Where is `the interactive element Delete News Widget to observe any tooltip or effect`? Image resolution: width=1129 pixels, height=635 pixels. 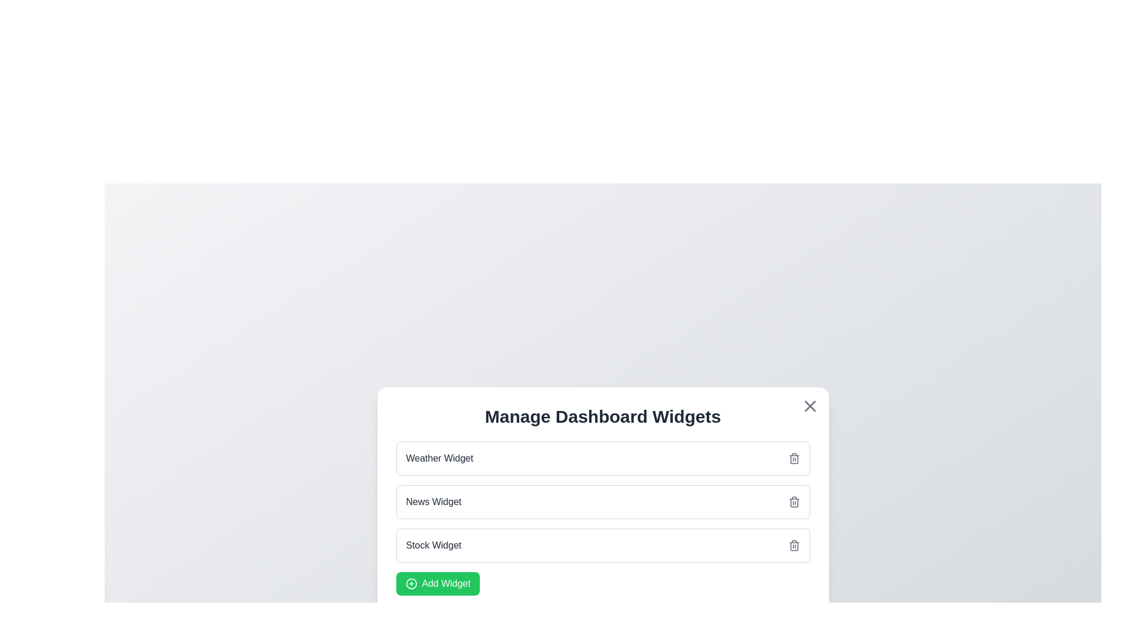
the interactive element Delete News Widget to observe any tooltip or effect is located at coordinates (794, 502).